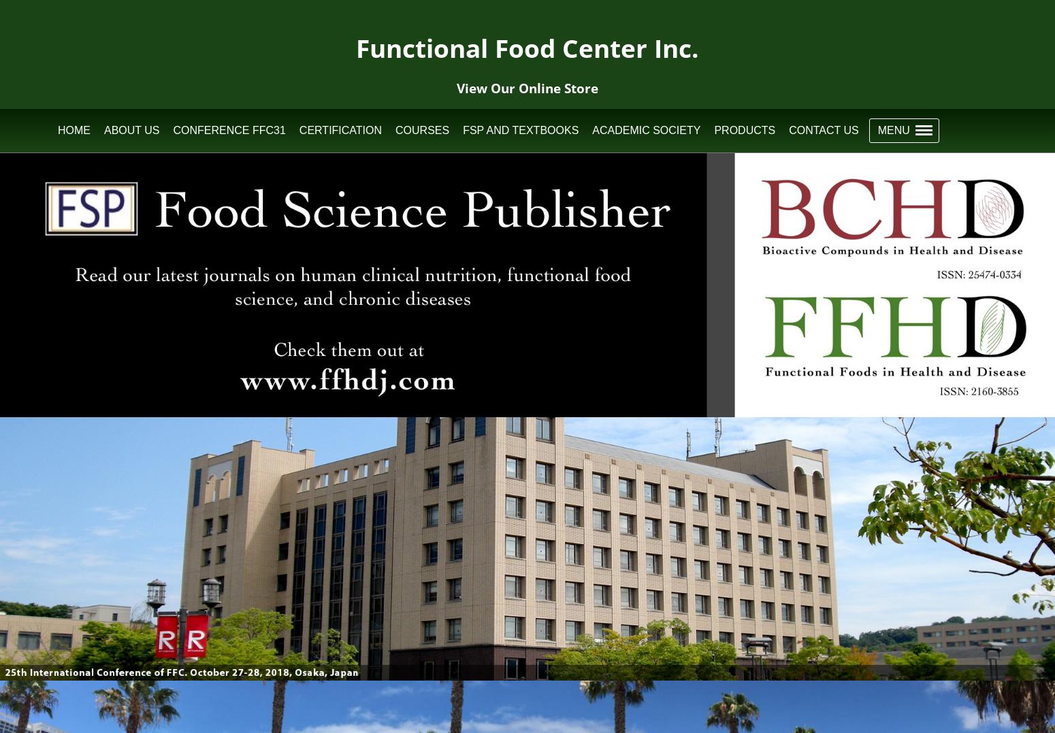 This screenshot has height=733, width=1055. Describe the element at coordinates (527, 48) in the screenshot. I see `'Functional Food Center Inc.'` at that location.